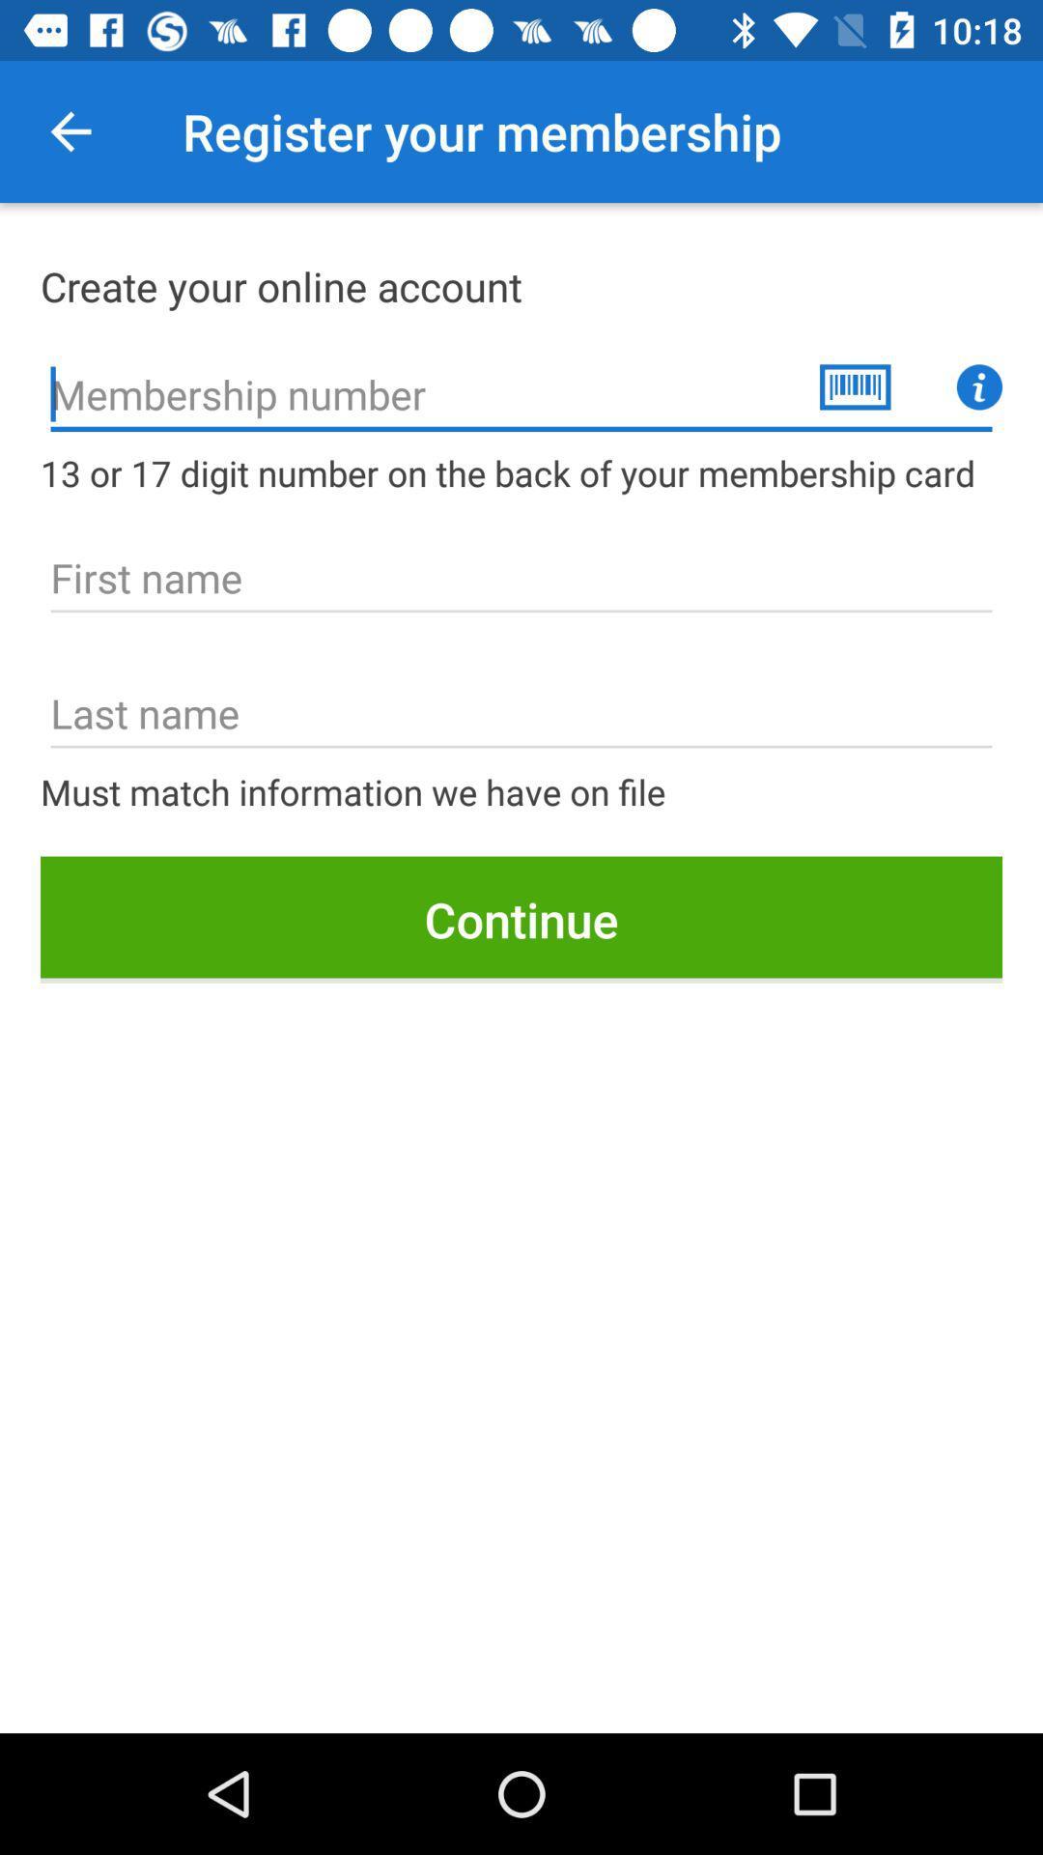 The image size is (1043, 1855). Describe the element at coordinates (521, 578) in the screenshot. I see `the text field of first name` at that location.